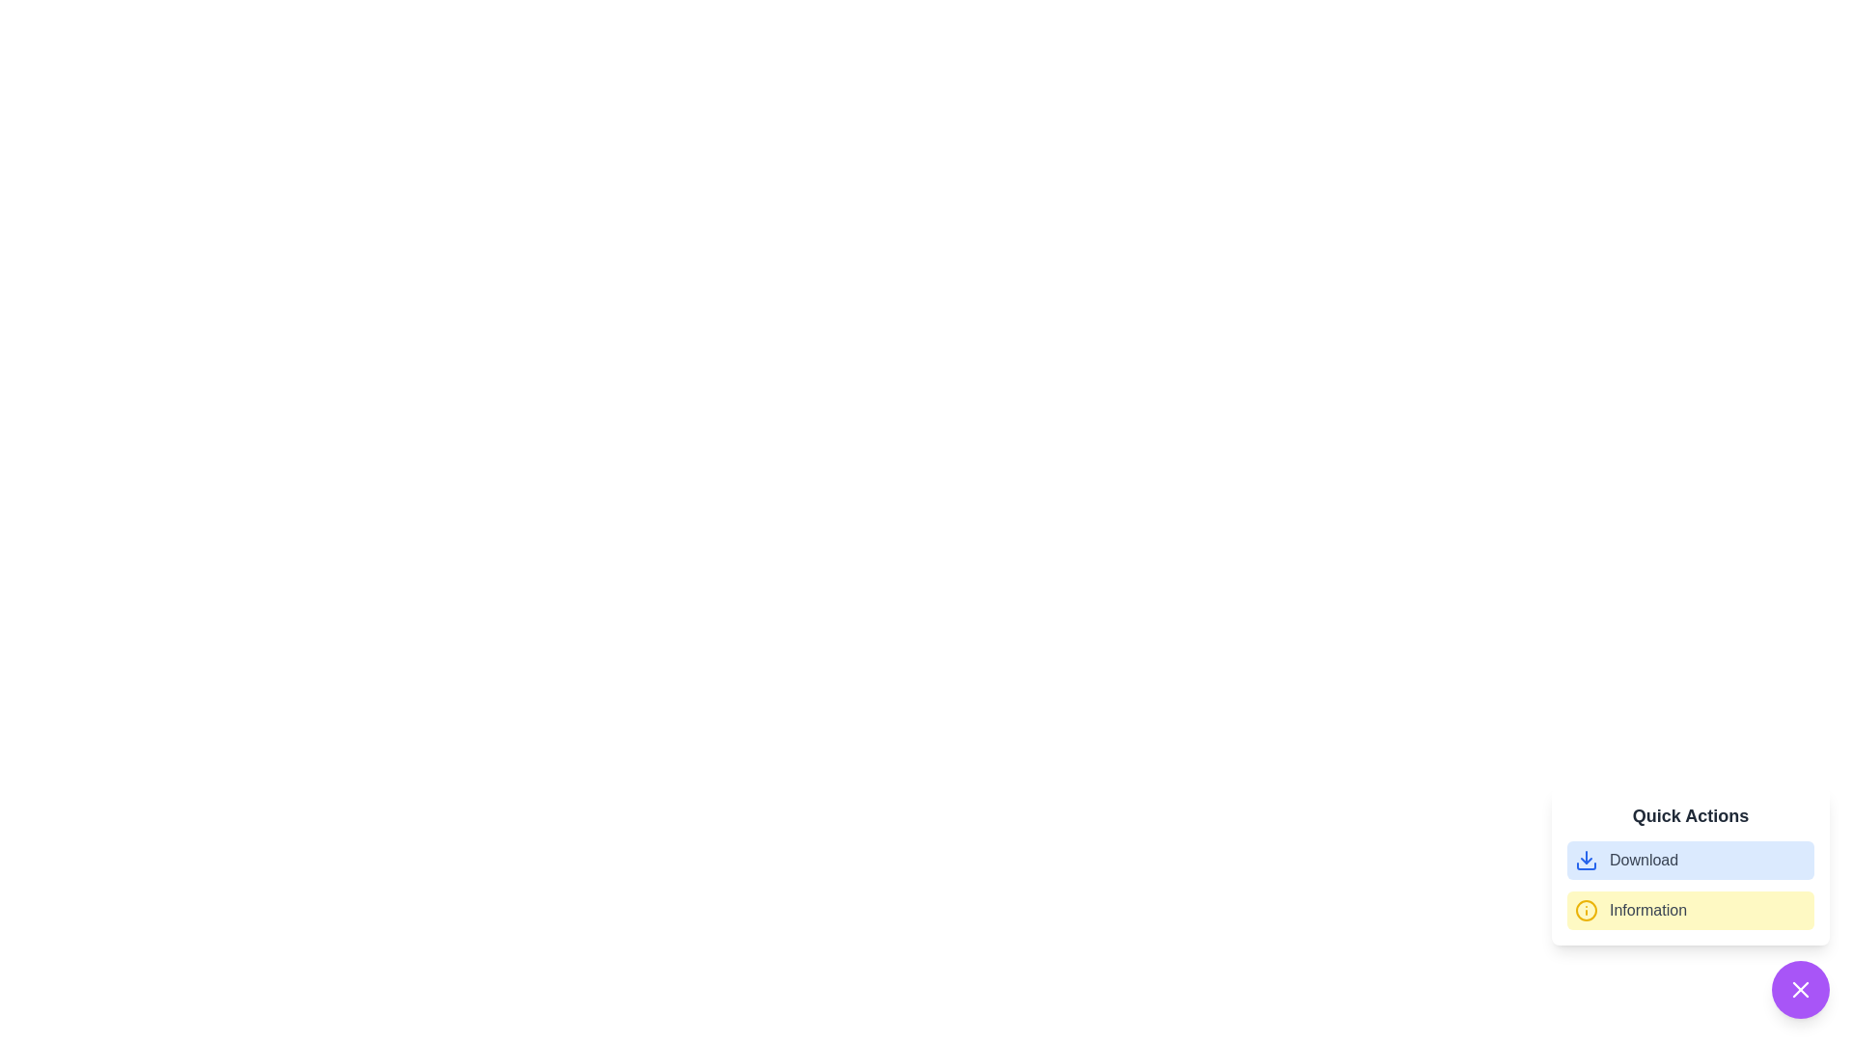 Image resolution: width=1853 pixels, height=1042 pixels. What do you see at coordinates (1690, 859) in the screenshot?
I see `the download button located in the lower-right corner of the interface, above the 'Information' element` at bounding box center [1690, 859].